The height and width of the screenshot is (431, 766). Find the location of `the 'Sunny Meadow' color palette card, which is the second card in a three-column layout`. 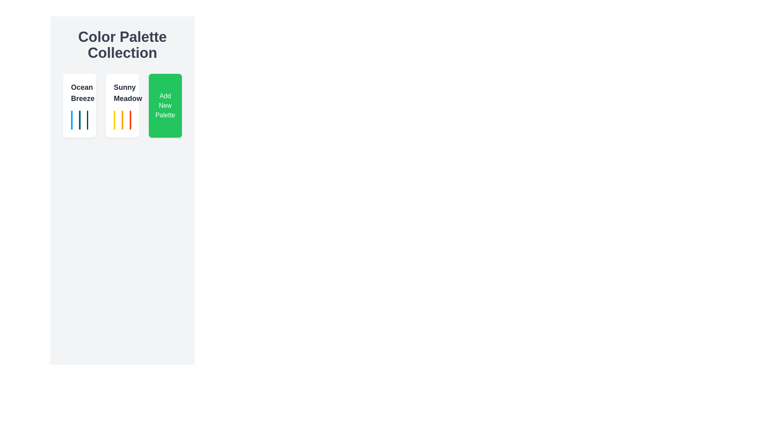

the 'Sunny Meadow' color palette card, which is the second card in a three-column layout is located at coordinates (122, 105).